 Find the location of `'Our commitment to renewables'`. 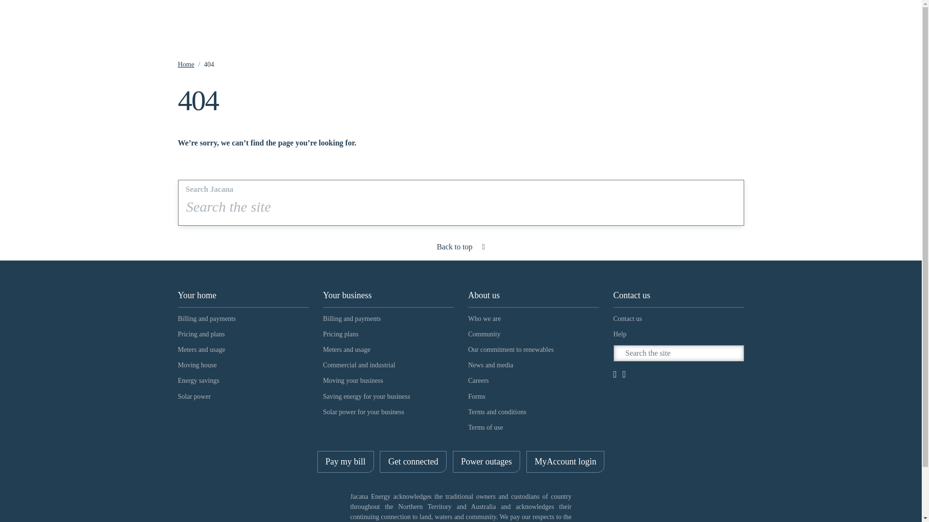

'Our commitment to renewables' is located at coordinates (533, 350).